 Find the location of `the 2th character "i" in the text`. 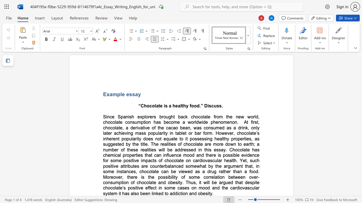

the 2th character "i" in the text is located at coordinates (208, 106).